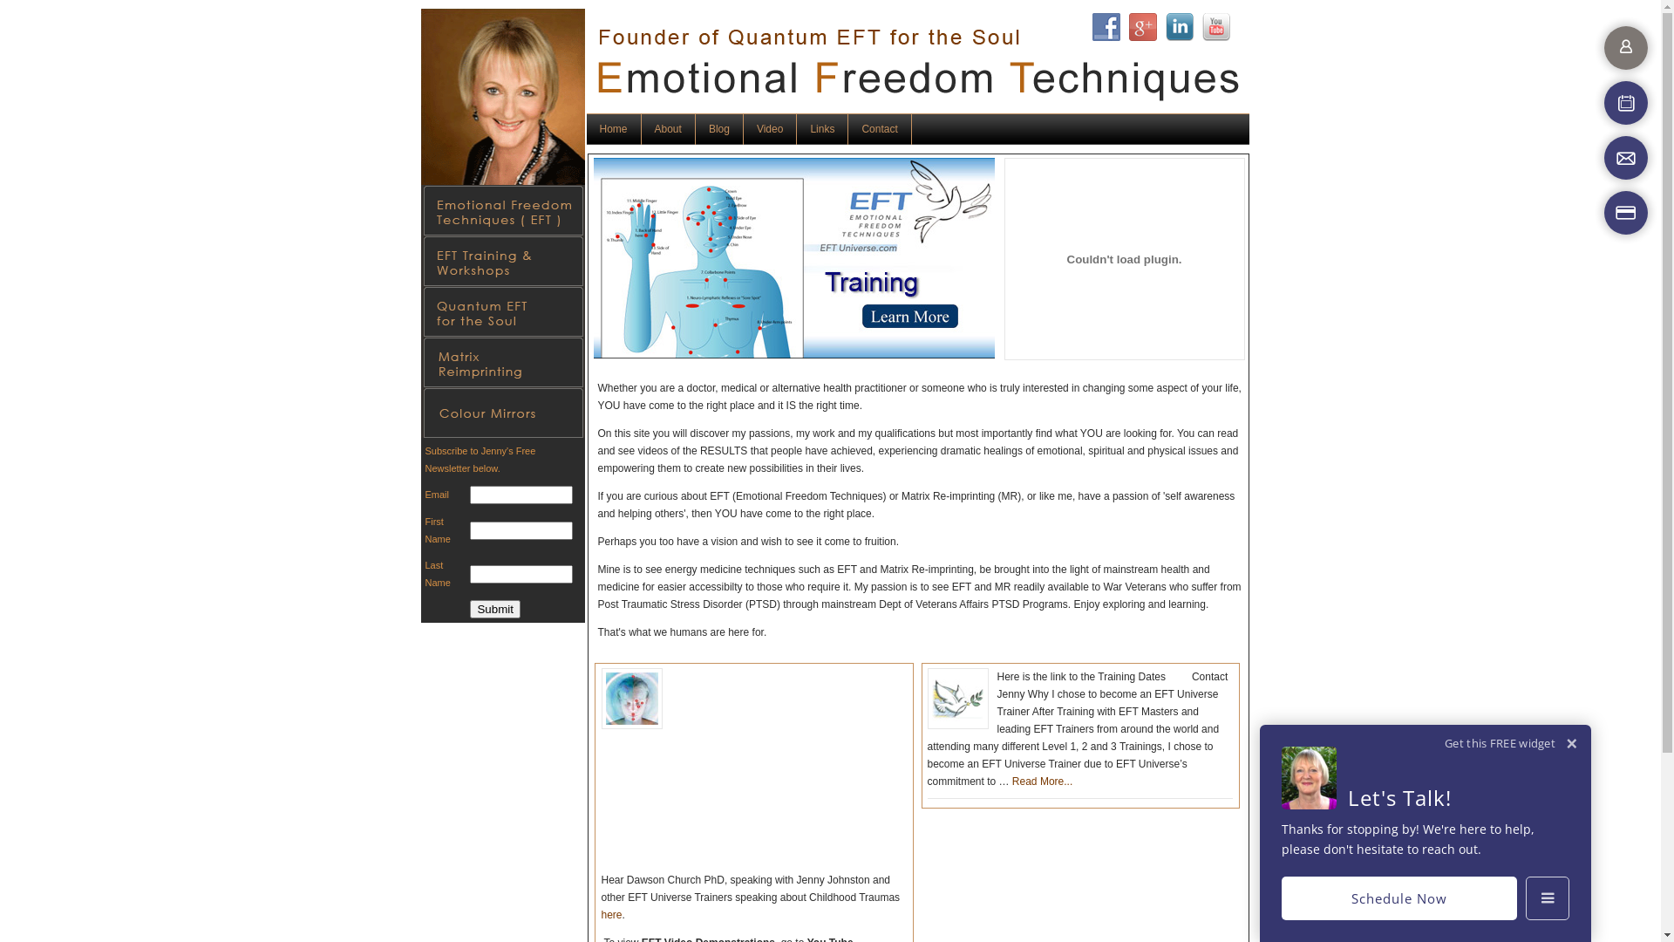 Image resolution: width=1674 pixels, height=942 pixels. Describe the element at coordinates (493, 608) in the screenshot. I see `'Submit'` at that location.